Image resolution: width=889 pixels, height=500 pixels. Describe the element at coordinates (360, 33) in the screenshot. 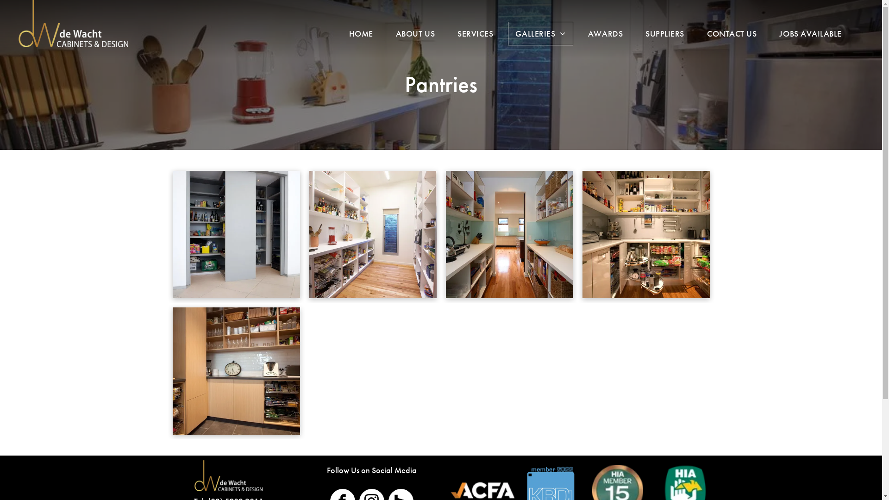

I see `'HOME'` at that location.